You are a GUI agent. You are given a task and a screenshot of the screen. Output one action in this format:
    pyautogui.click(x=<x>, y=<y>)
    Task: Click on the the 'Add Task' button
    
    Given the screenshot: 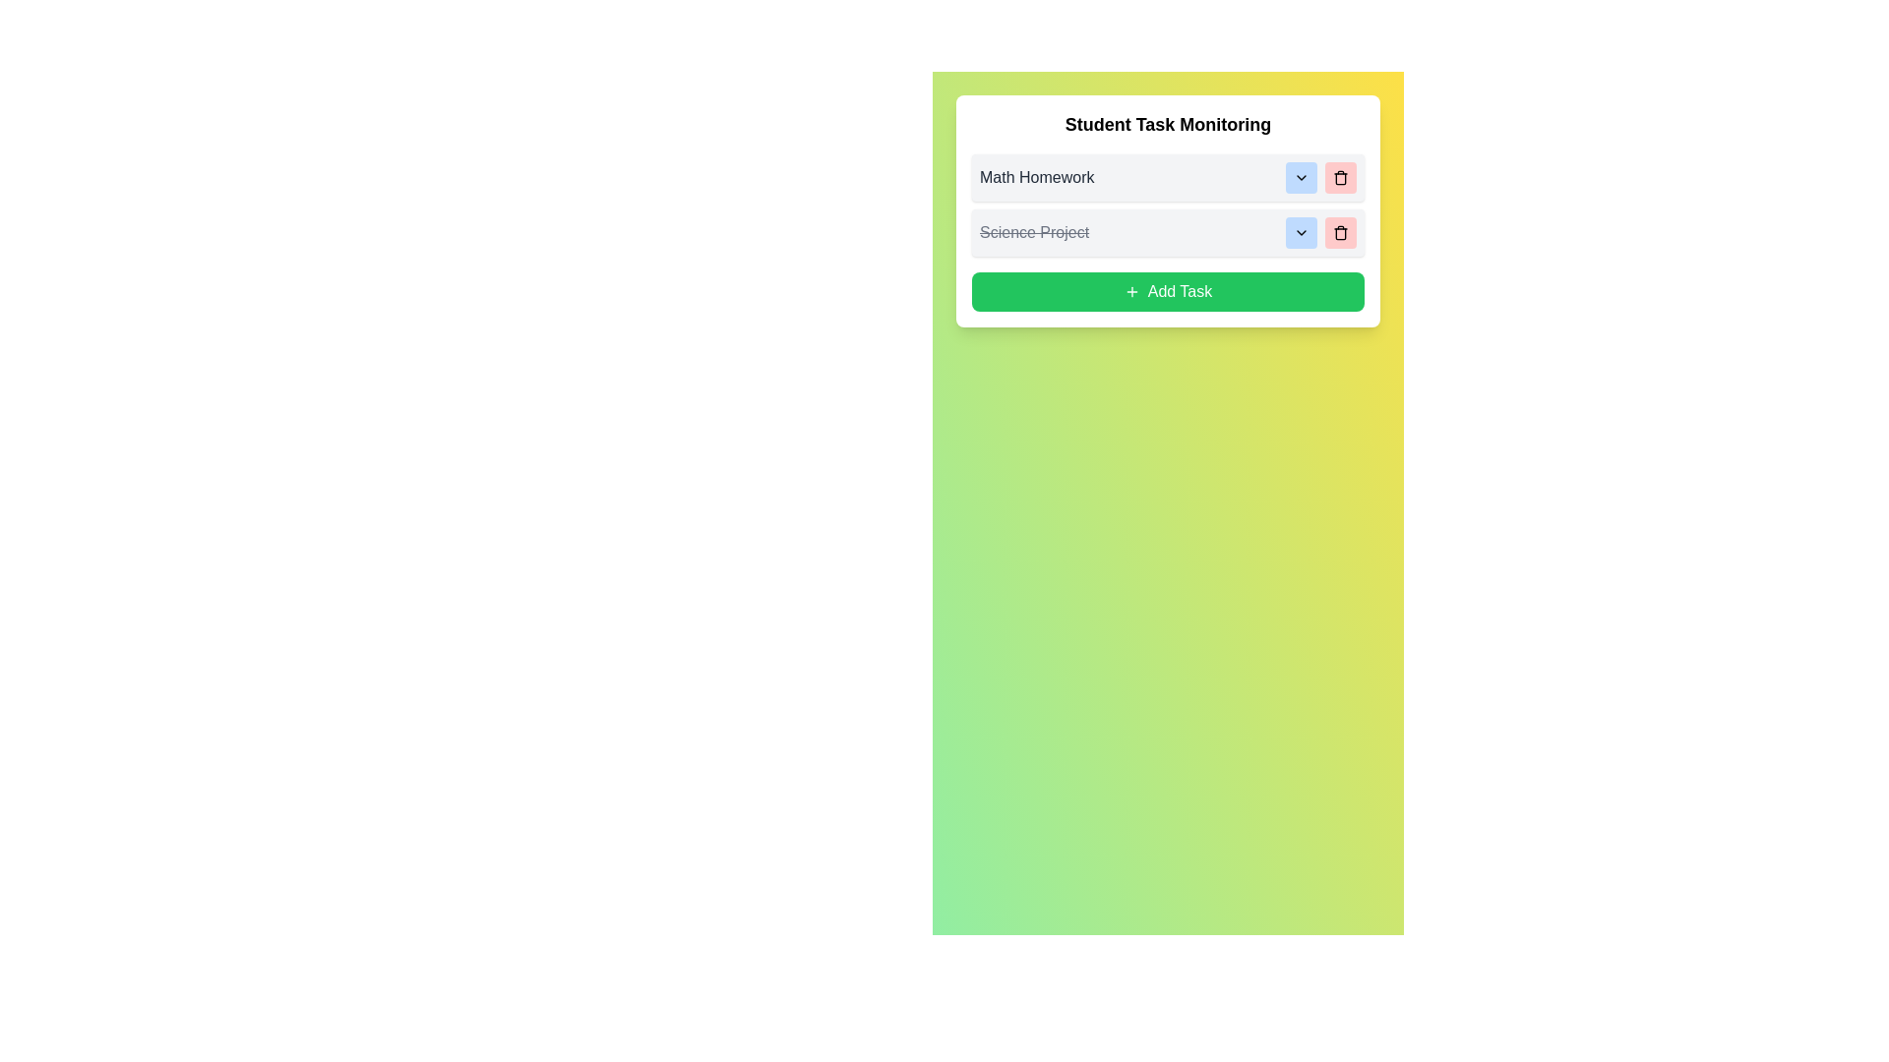 What is the action you would take?
    pyautogui.click(x=1131, y=292)
    